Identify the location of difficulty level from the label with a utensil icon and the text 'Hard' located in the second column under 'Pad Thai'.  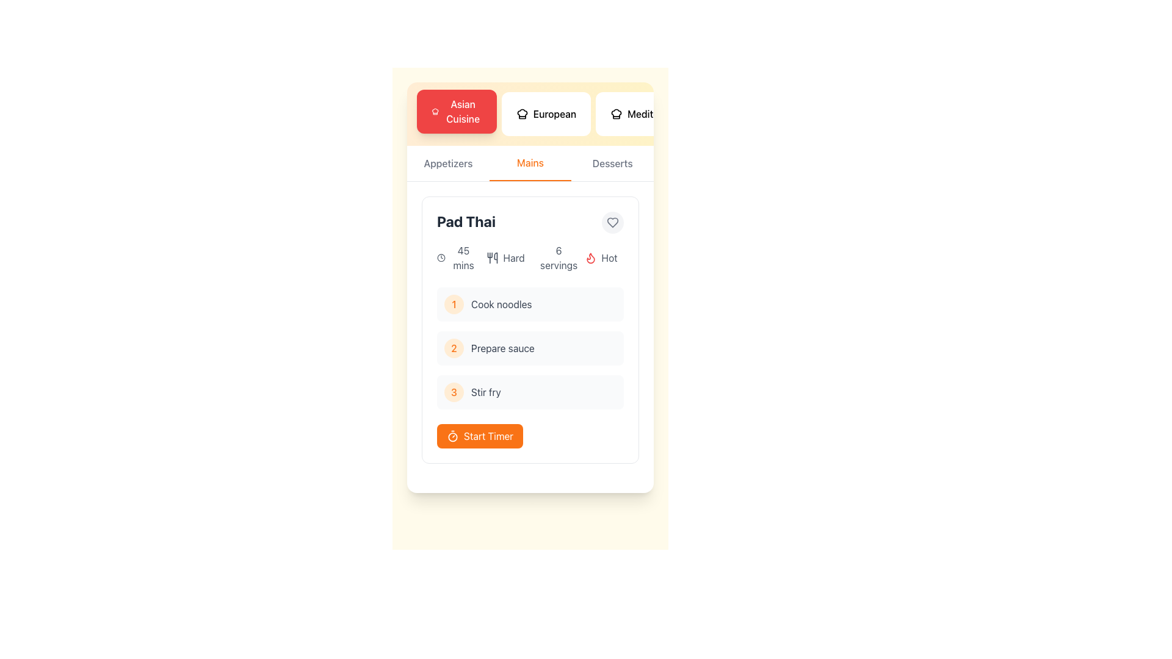
(505, 257).